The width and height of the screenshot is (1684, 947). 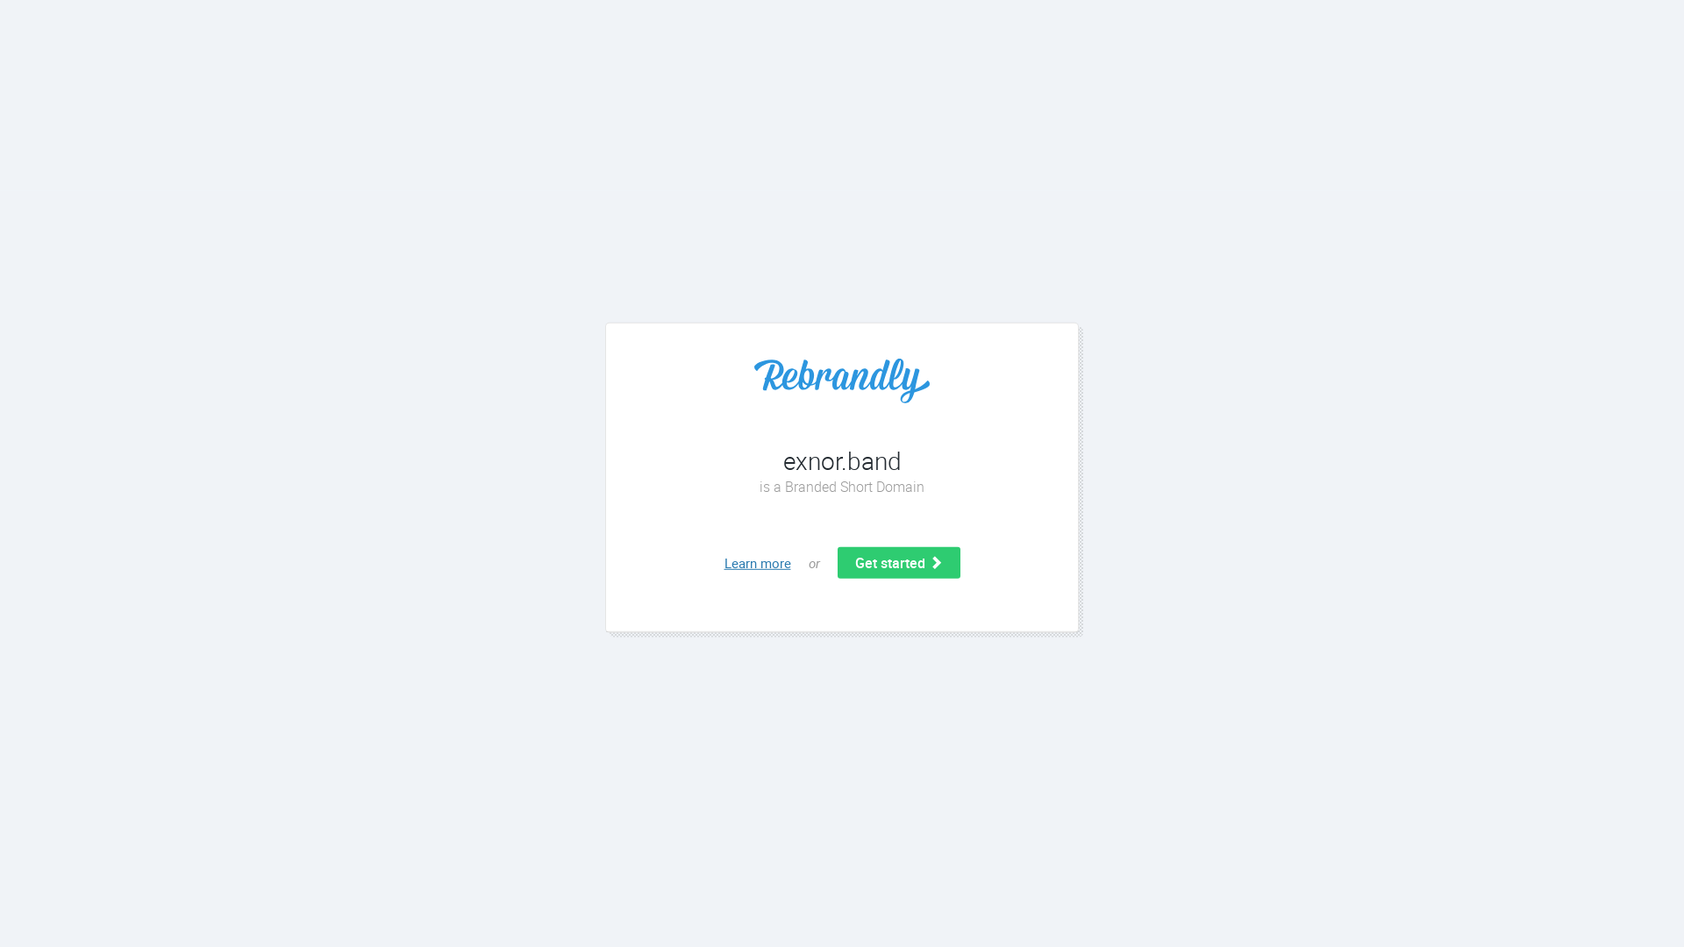 I want to click on 'Learn more', so click(x=724, y=562).